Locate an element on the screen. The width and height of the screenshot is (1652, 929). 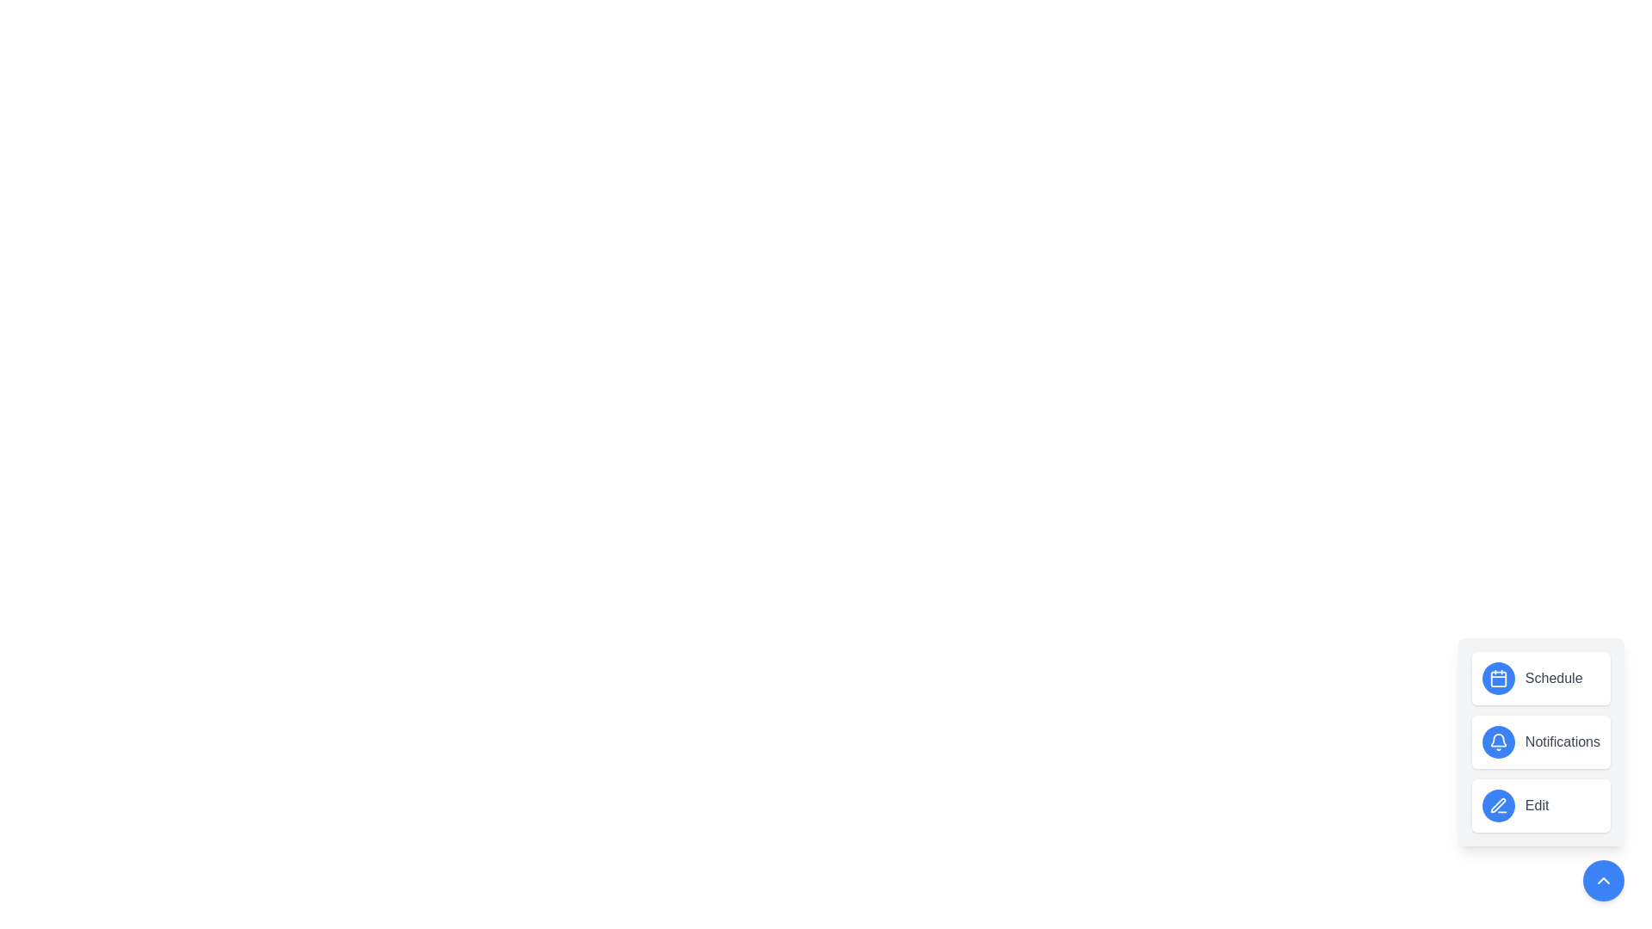
the 'Schedule' button to select the 'Schedule' option is located at coordinates (1540, 678).